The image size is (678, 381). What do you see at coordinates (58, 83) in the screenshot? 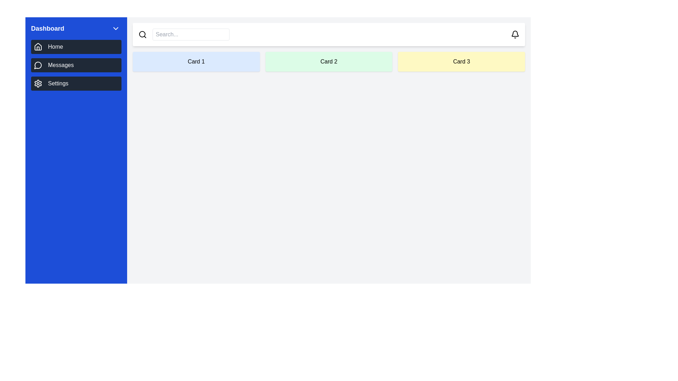
I see `the 'Settings' text label in the sidebar menu` at bounding box center [58, 83].